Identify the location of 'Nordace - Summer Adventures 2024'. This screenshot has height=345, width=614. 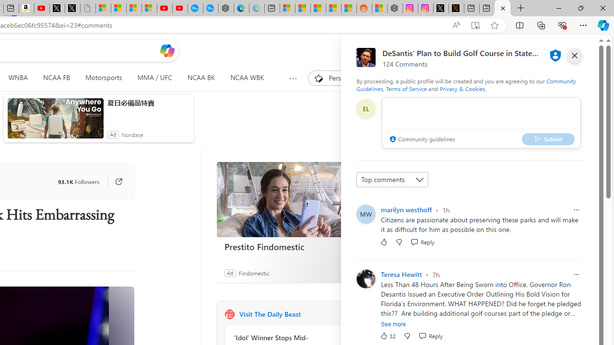
(395, 8).